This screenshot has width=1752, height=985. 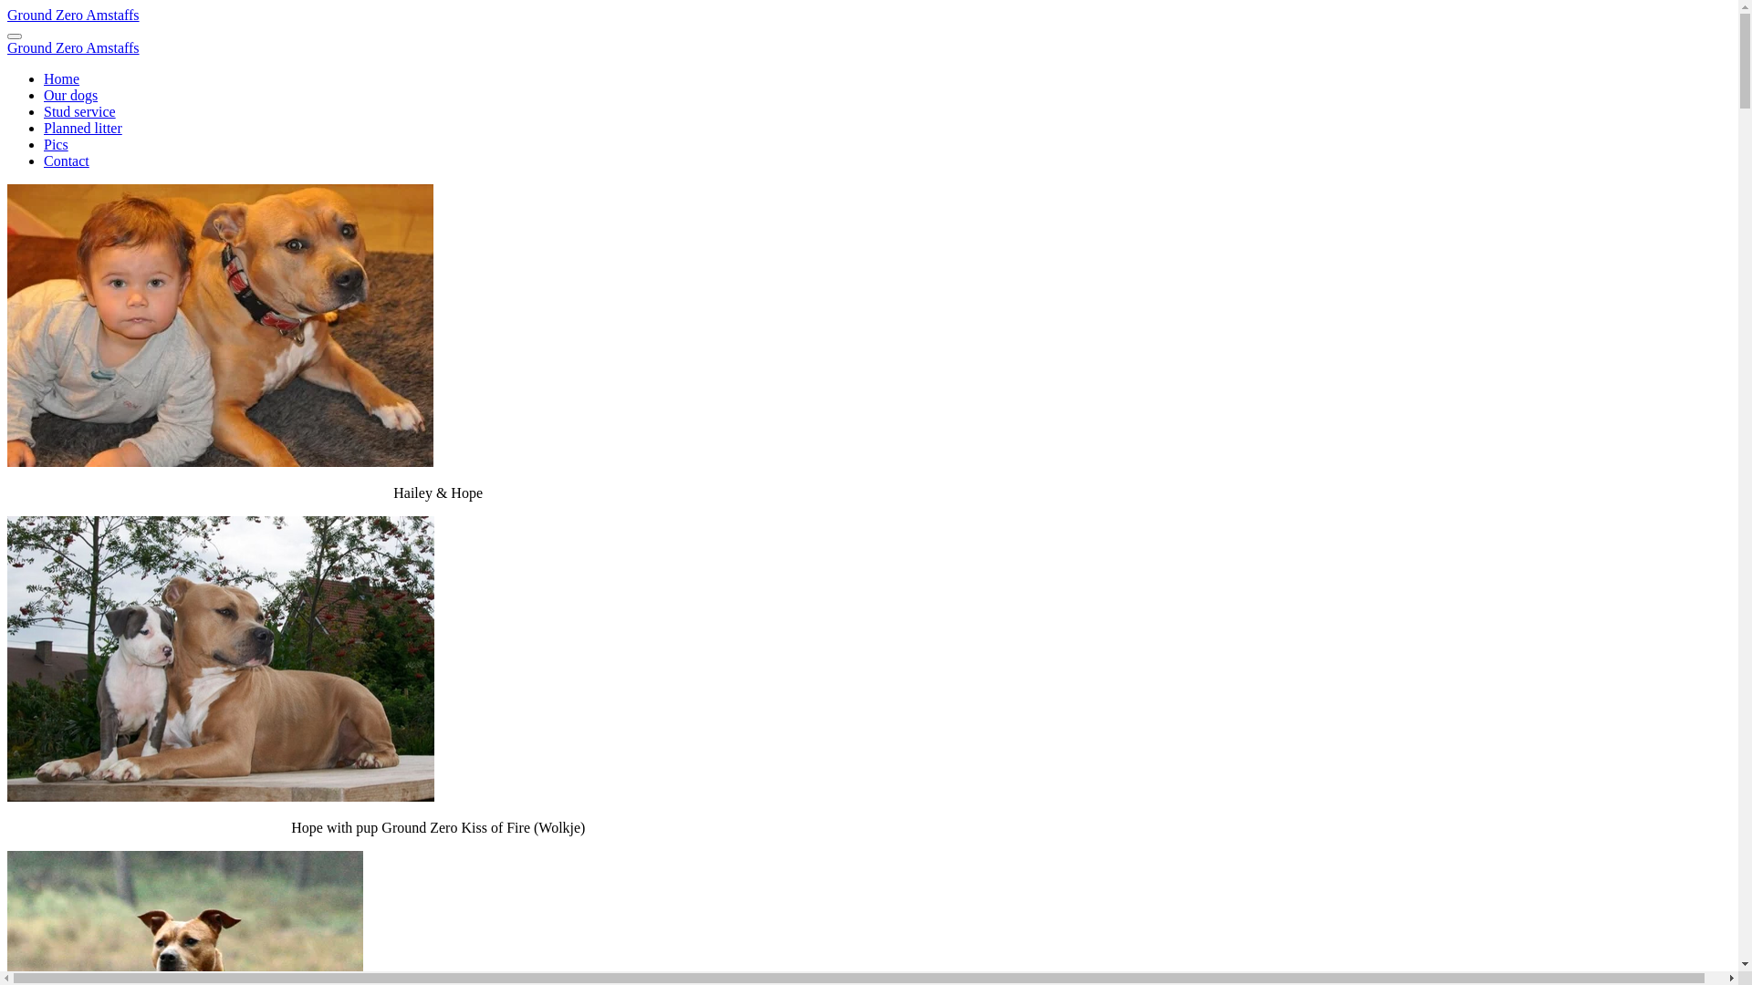 What do you see at coordinates (78, 111) in the screenshot?
I see `'Stud service'` at bounding box center [78, 111].